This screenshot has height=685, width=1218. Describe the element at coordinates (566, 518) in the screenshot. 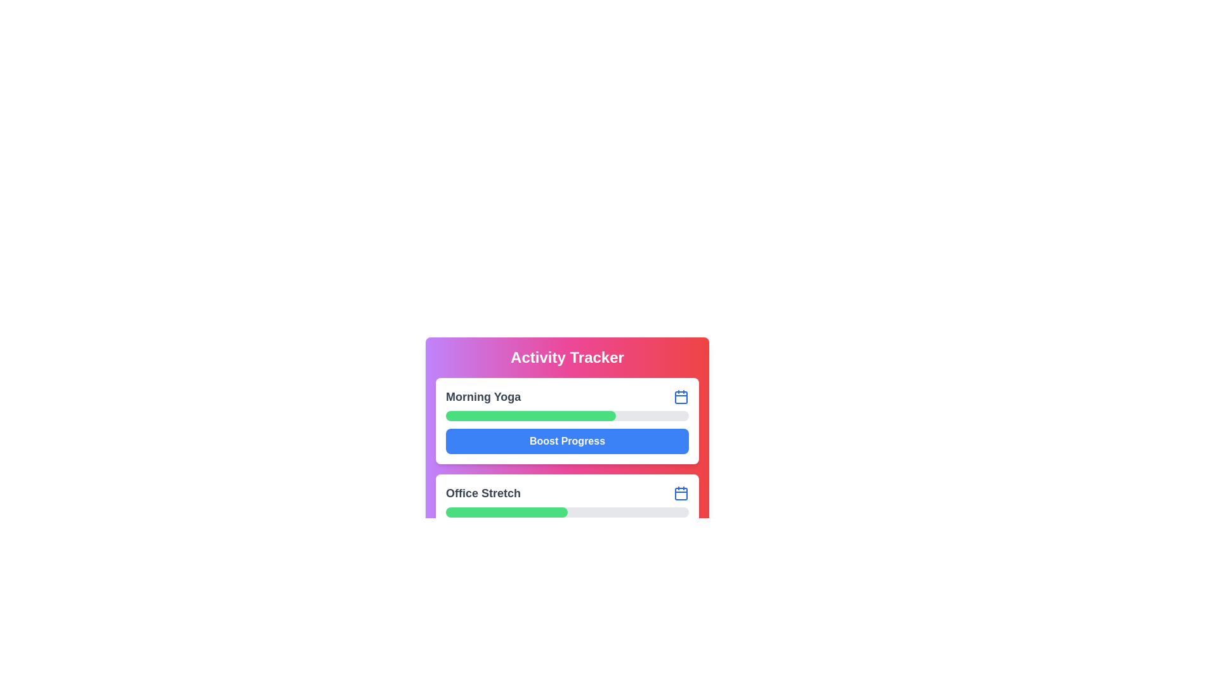

I see `the progress bar located in the second card titled 'Office Stretch' within the 'Activity Tracker' section, positioned below the text 'Office Stretch'` at that location.